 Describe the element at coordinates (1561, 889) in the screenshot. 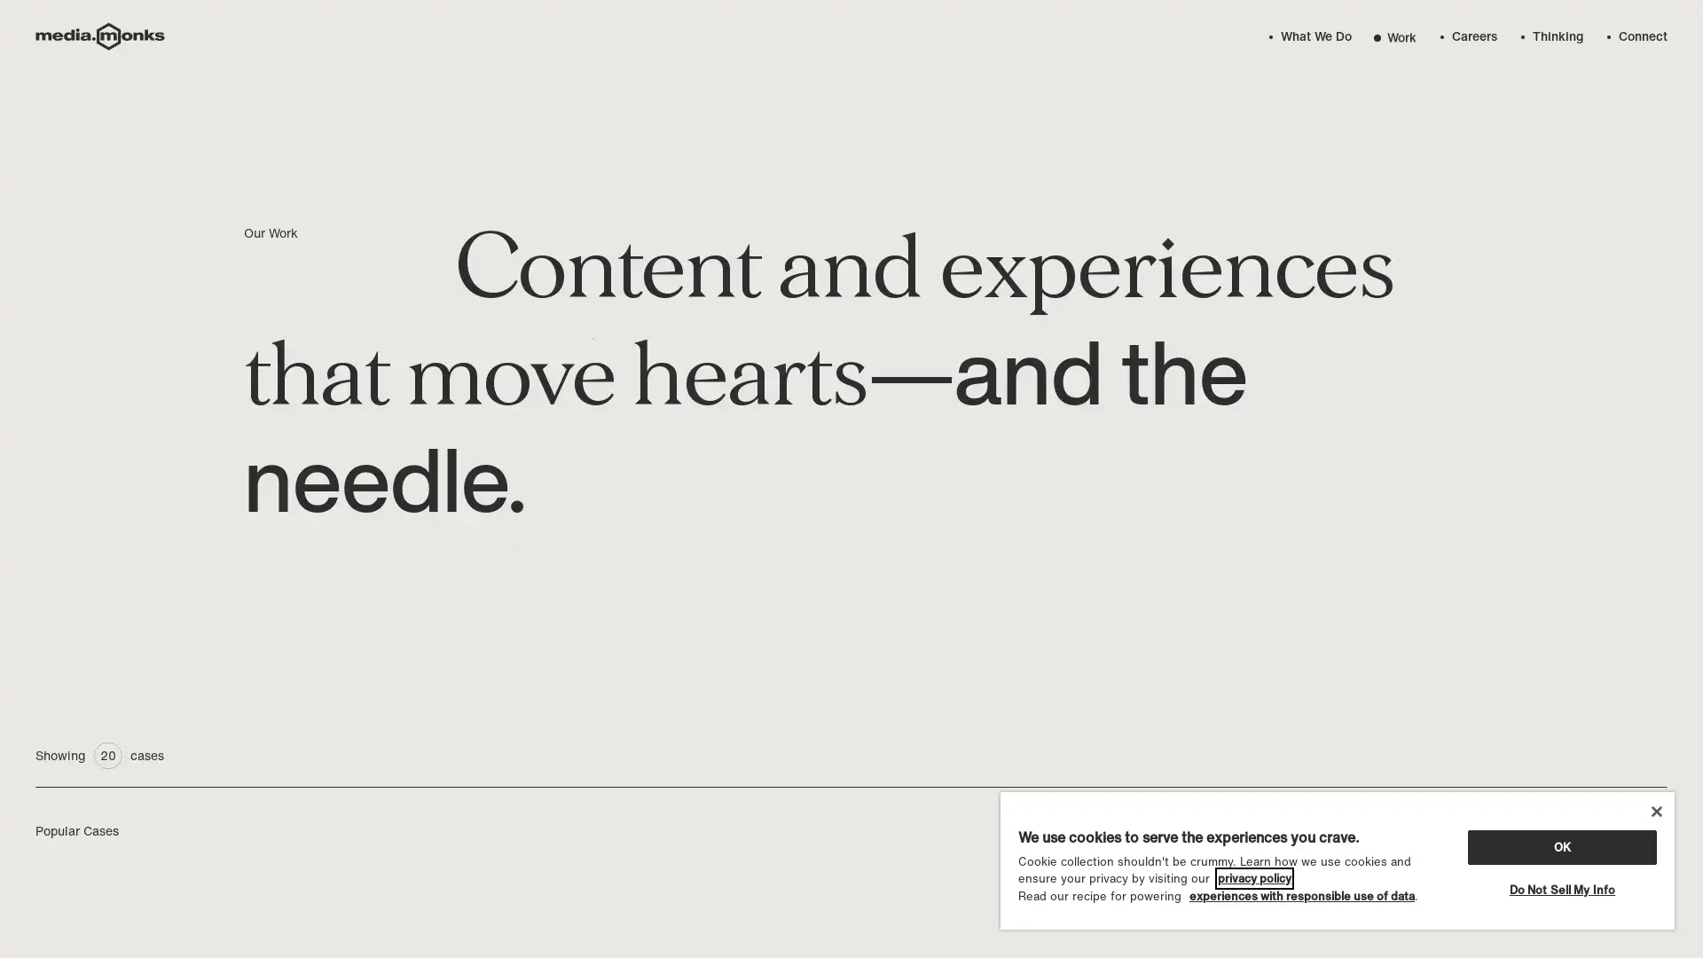

I see `Do Not Sell My Info` at that location.